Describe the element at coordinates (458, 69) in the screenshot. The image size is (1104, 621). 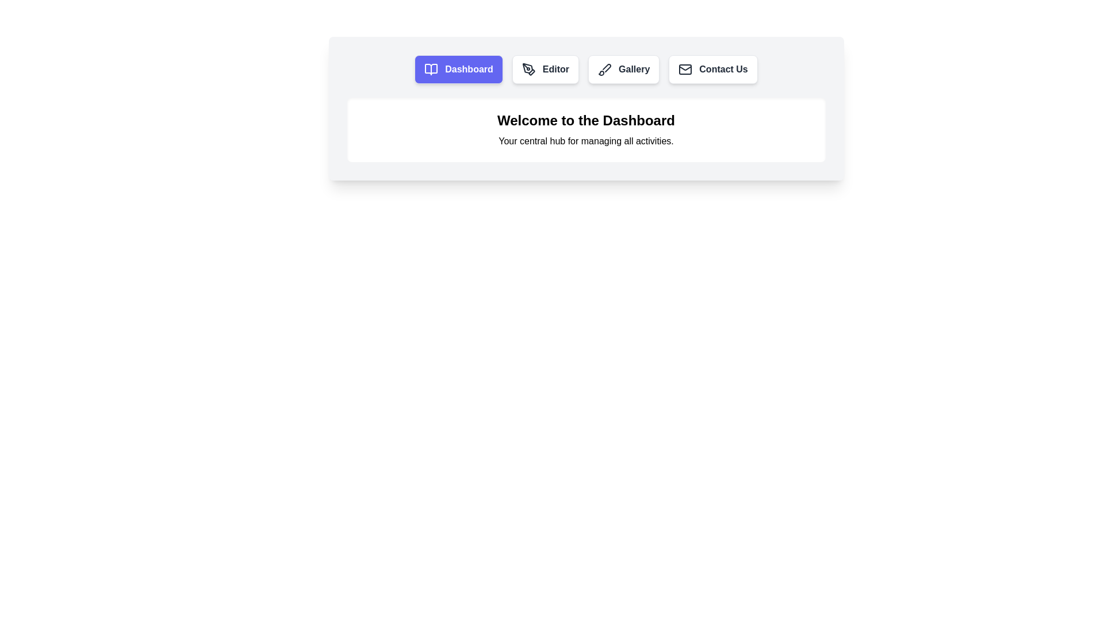
I see `the 'Dashboard' navigation button located in the top navigation bar, which is the first button in the row of menu options` at that location.